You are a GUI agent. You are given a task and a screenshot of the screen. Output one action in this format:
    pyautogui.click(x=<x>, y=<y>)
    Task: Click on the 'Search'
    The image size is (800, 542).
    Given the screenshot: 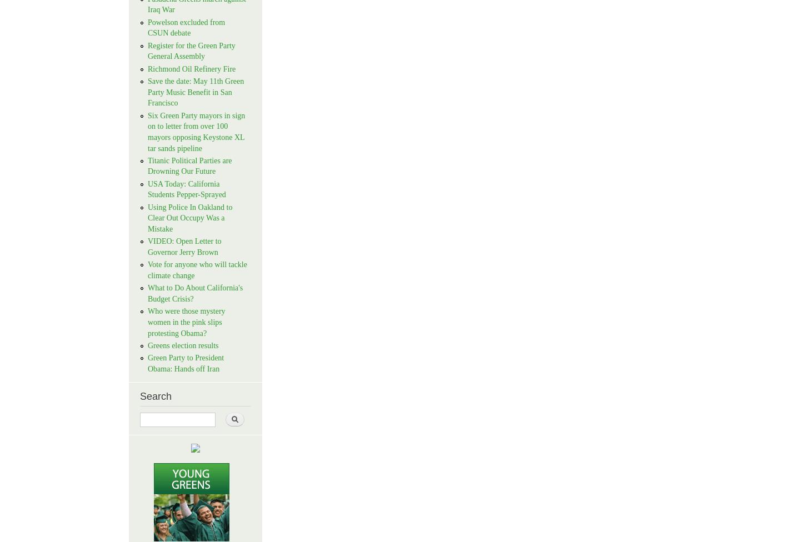 What is the action you would take?
    pyautogui.click(x=155, y=396)
    